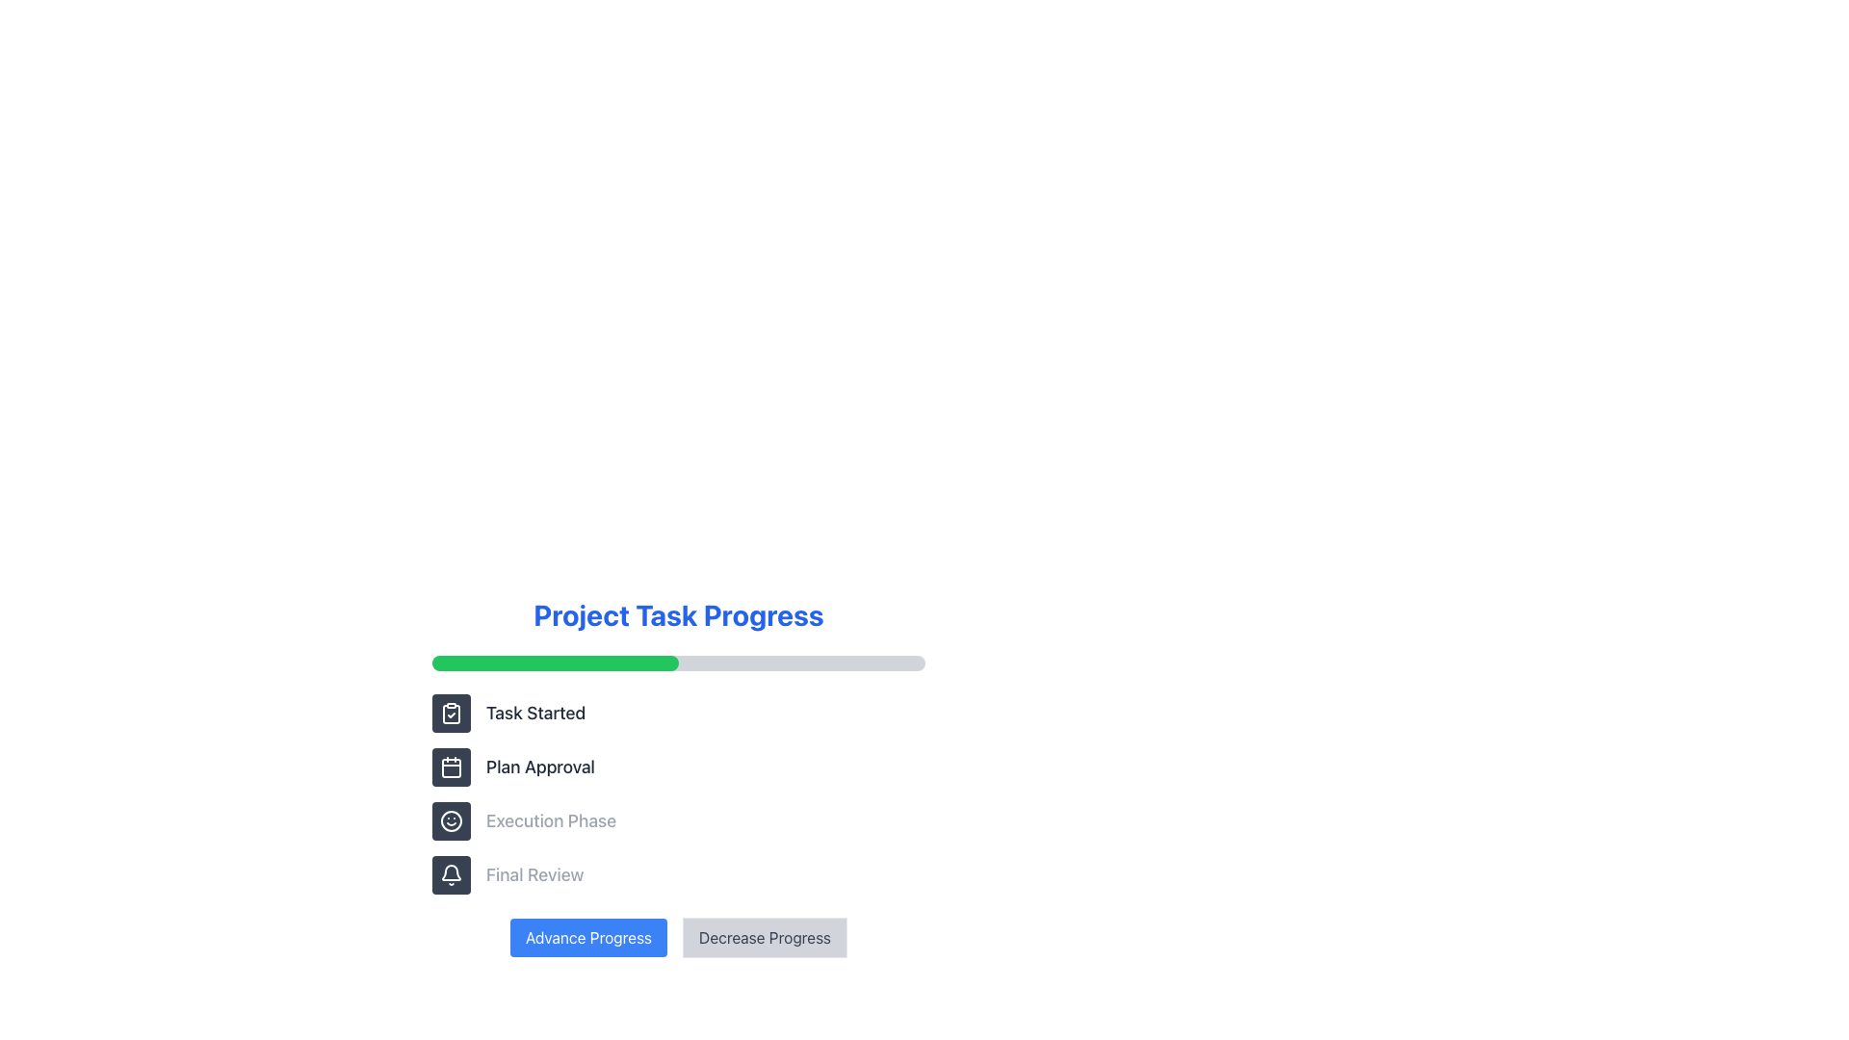  I want to click on the clipboard icon with a checkmark located within a rectangular button styled with a dark gray background and white border, positioned at the upper left of a vertical set of four buttons, so click(451, 713).